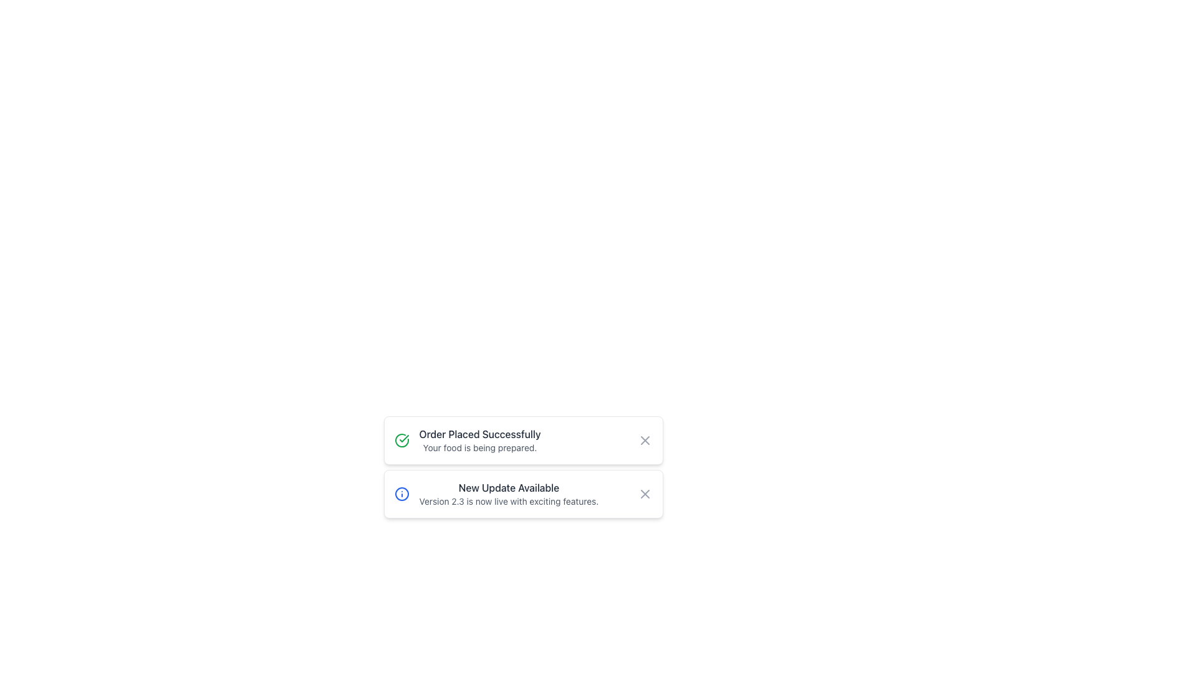  I want to click on small checkmark symbol located inside the circular check icon, which indicates a successful order placement, by clicking on it, so click(404, 438).